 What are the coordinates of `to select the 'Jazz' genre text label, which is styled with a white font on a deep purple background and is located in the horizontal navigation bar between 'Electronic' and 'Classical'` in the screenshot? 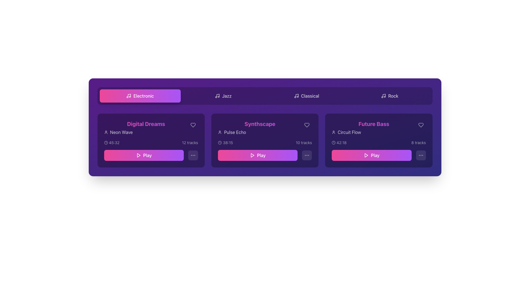 It's located at (227, 95).